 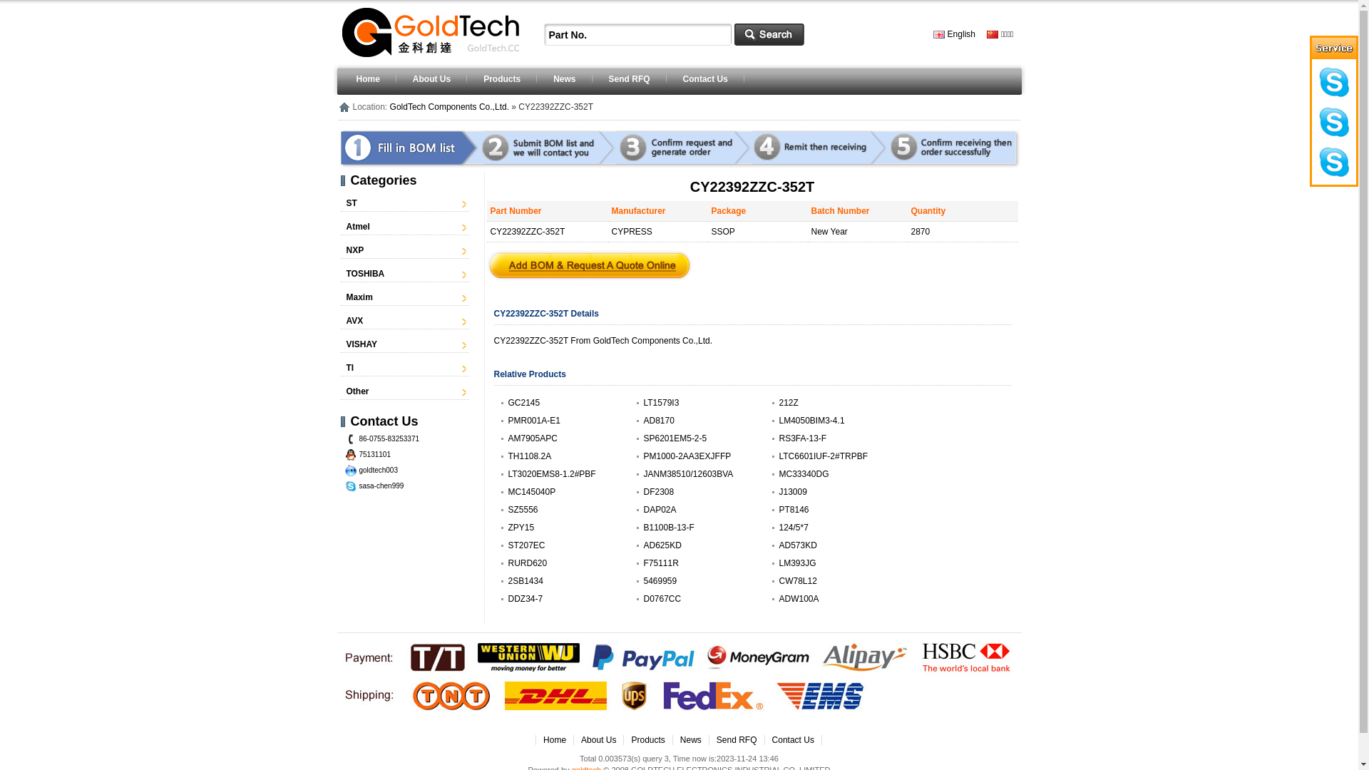 I want to click on 'Send RFQ', so click(x=737, y=739).